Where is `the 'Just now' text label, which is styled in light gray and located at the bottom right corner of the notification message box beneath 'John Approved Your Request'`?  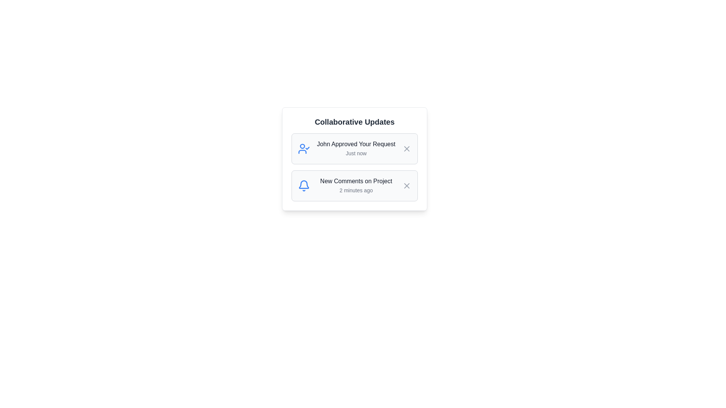
the 'Just now' text label, which is styled in light gray and located at the bottom right corner of the notification message box beneath 'John Approved Your Request' is located at coordinates (355, 153).